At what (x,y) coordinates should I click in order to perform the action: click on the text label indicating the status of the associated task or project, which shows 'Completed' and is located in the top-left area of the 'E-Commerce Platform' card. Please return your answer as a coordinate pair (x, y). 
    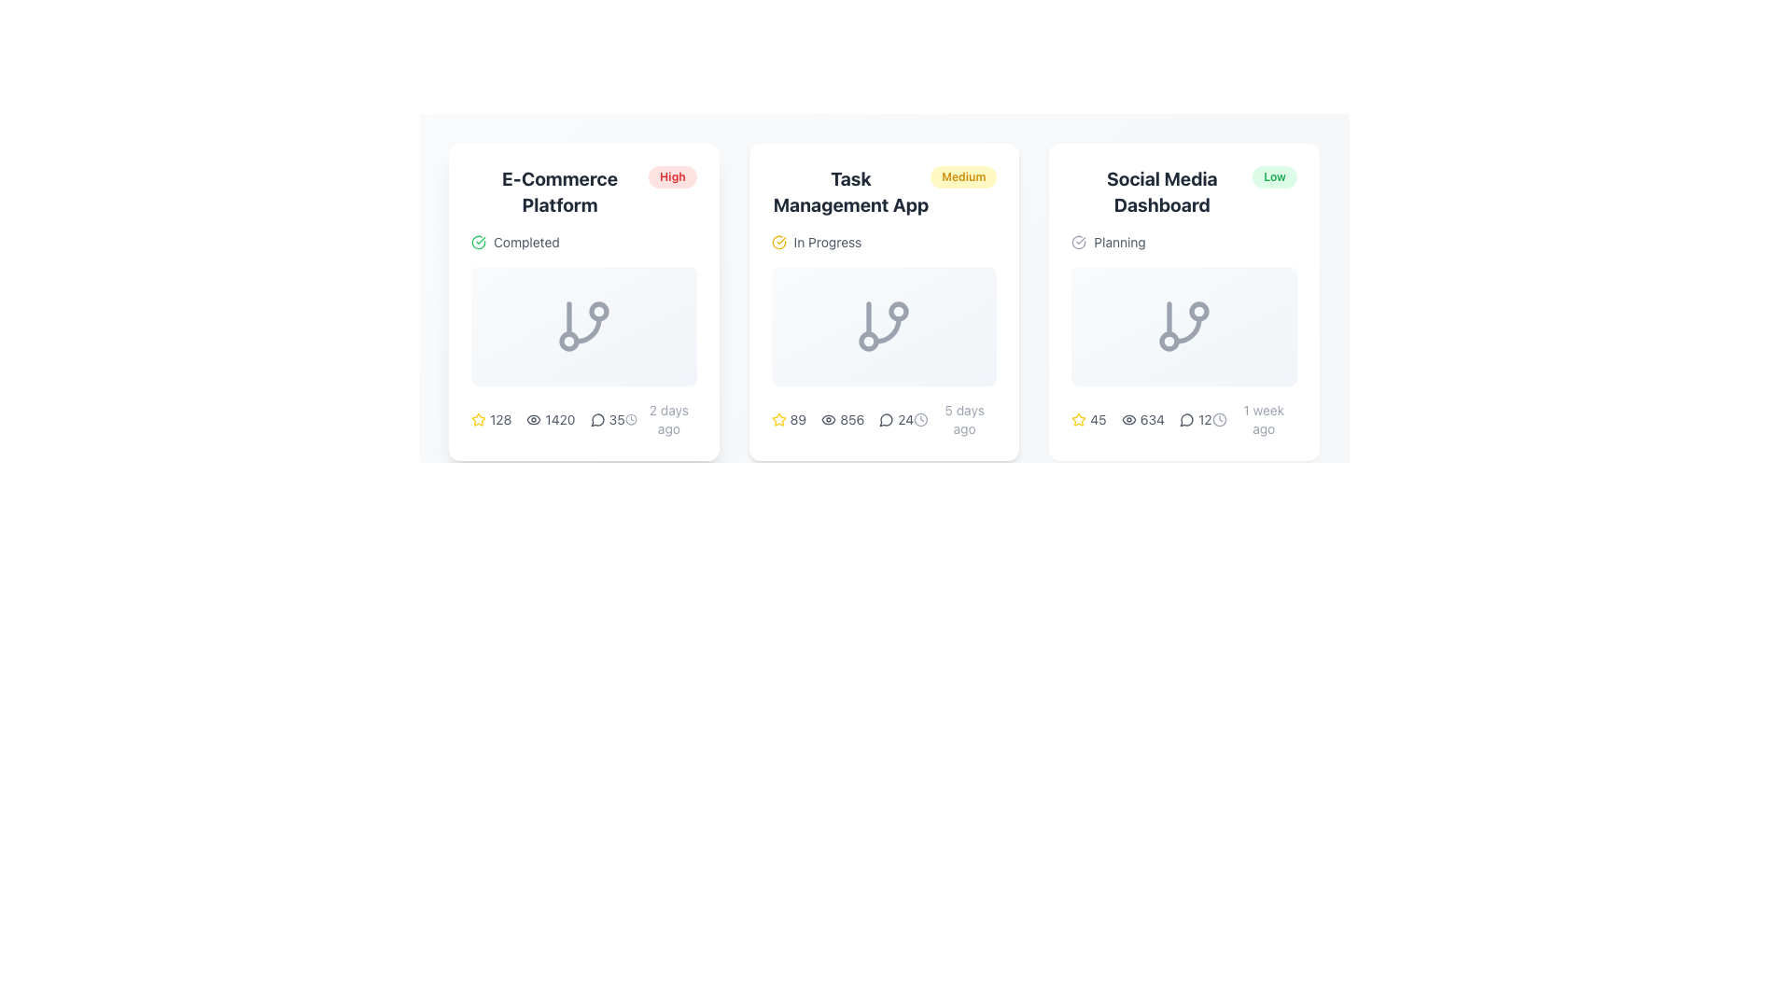
    Looking at the image, I should click on (525, 241).